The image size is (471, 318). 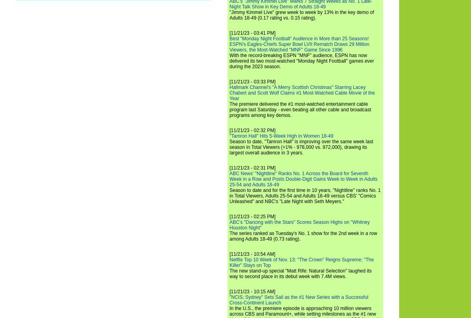 What do you see at coordinates (252, 32) in the screenshot?
I see `'[11/21/23 - 03:41 PM]'` at bounding box center [252, 32].